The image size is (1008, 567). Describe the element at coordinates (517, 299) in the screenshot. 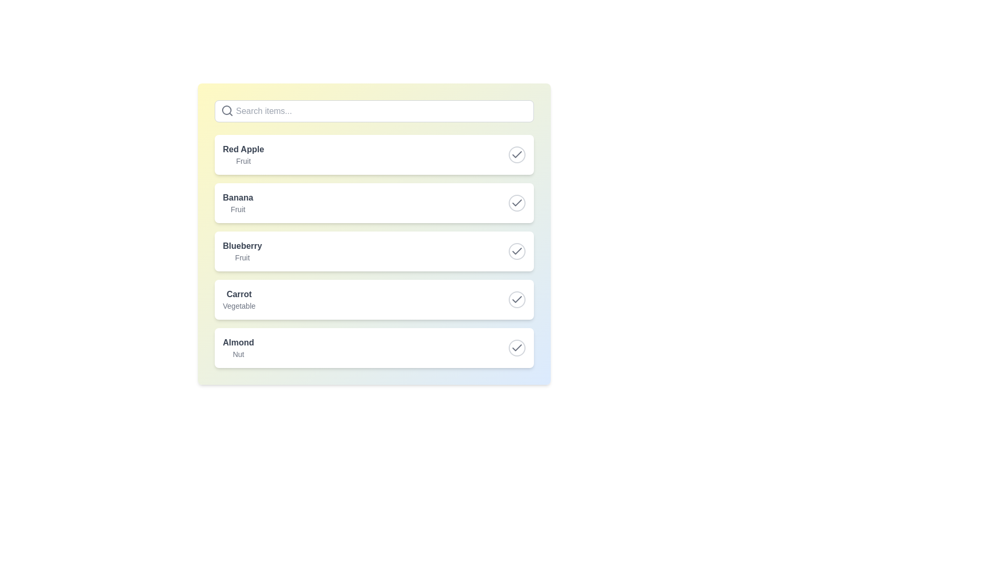

I see `the checkmark icon indicating selection for the list item 'Carrot - Vegetable'` at that location.